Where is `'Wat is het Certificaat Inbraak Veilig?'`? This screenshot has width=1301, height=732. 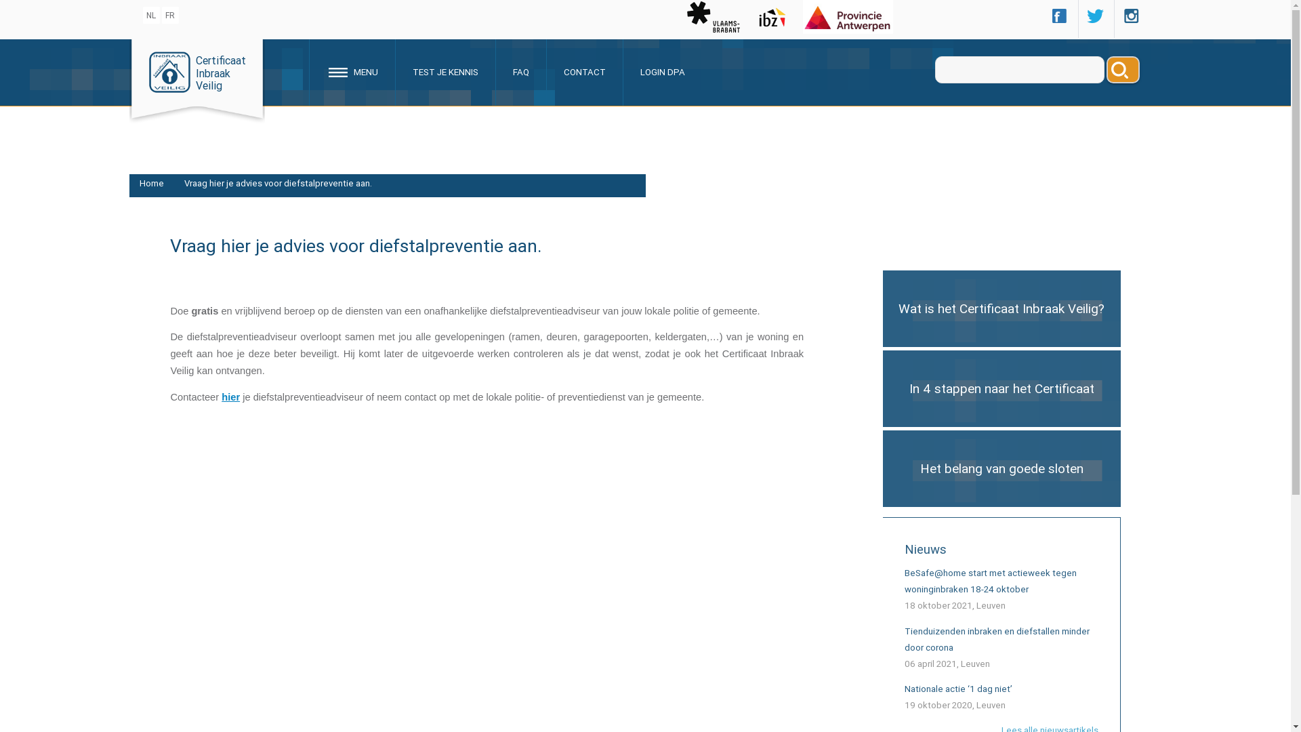
'Wat is het Certificaat Inbraak Veilig?' is located at coordinates (1001, 308).